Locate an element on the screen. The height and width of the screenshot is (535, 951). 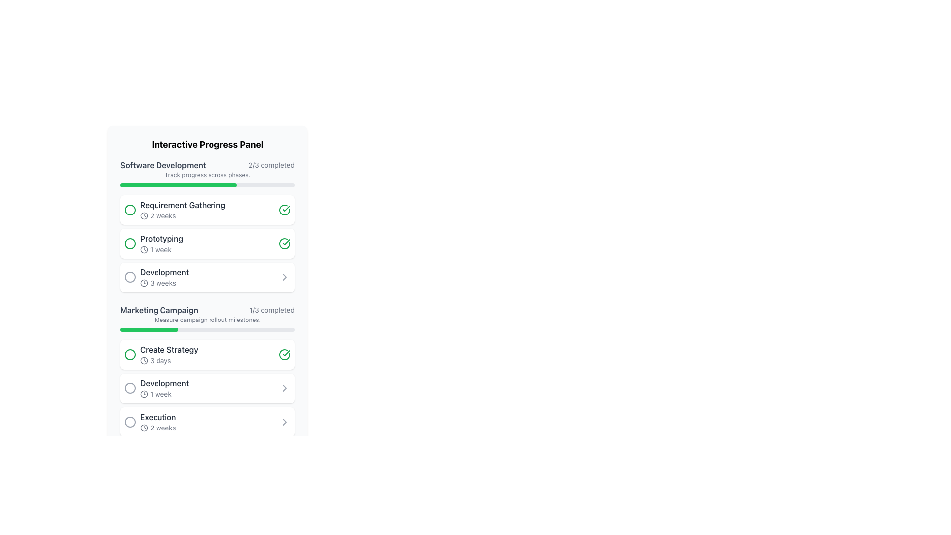
the informational text element for the project phase 'Prototyping' located in the 'Software Development' list, which is the second item between 'Requirement Gathering' and 'Development' is located at coordinates (161, 244).